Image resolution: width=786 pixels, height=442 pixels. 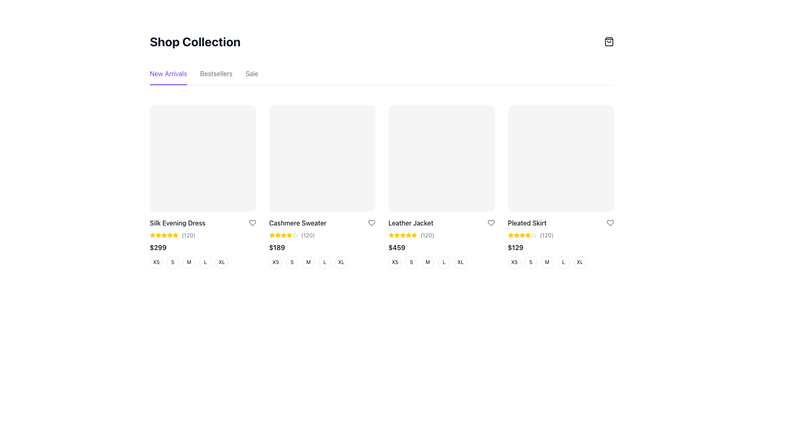 What do you see at coordinates (272, 235) in the screenshot?
I see `star-shaped yellow icon used for ratings located in the second product card from the left, specifically in the rating section below the product image and name` at bounding box center [272, 235].